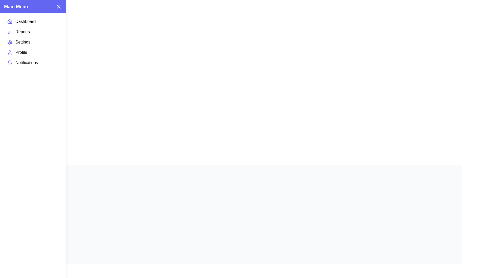  What do you see at coordinates (10, 62) in the screenshot?
I see `the bell icon located to the left of the 'Notifications' text in the fifth item of the vertical navigation menu` at bounding box center [10, 62].